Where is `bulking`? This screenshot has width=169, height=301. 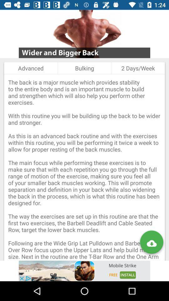
bulking is located at coordinates (84, 68).